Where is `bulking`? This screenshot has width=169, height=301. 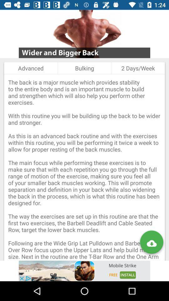
bulking is located at coordinates (84, 68).